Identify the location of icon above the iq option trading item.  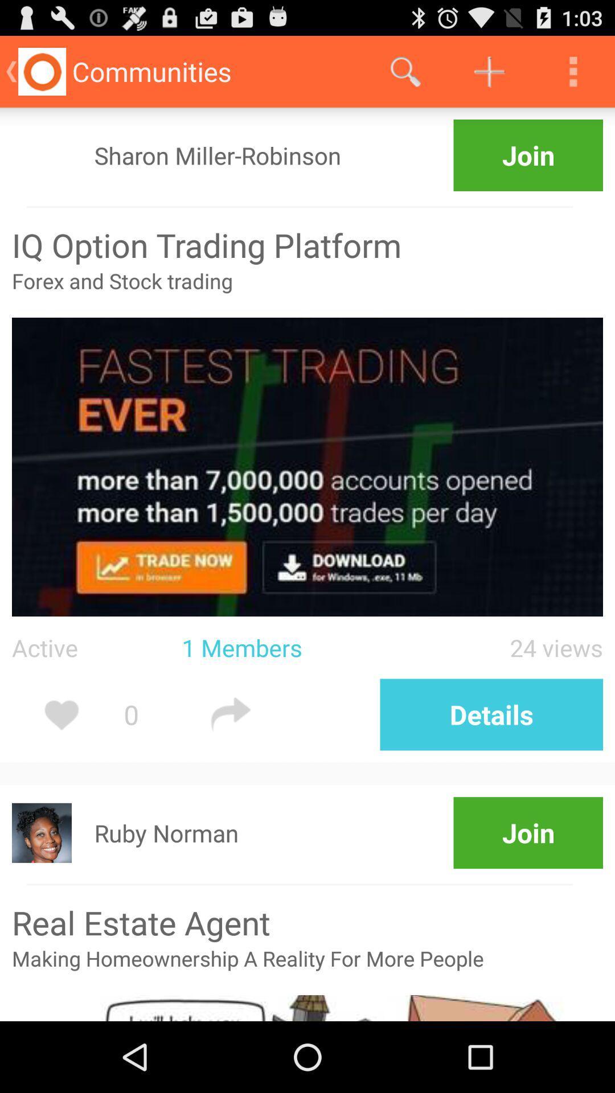
(299, 207).